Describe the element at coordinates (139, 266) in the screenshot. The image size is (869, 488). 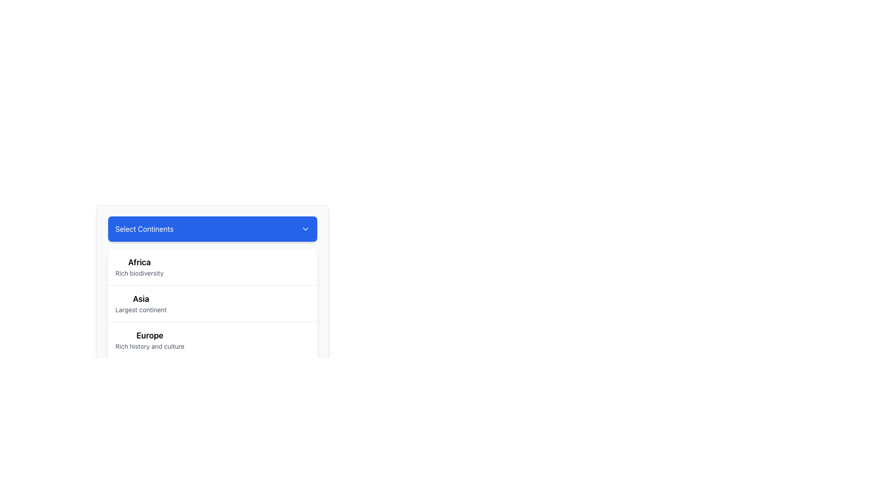
I see `the first entry in the dropdown list titled 'Select Continents' which displays the bold header 'Africa' followed by the description 'Rich biodiversity'` at that location.